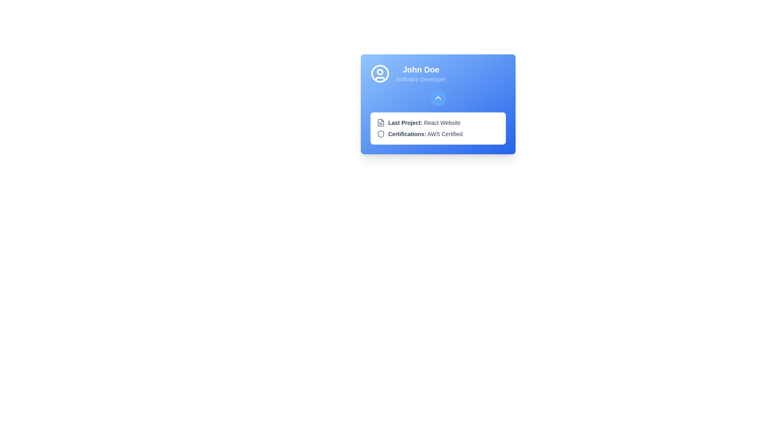  I want to click on the outer blue outlined circle in the user avatar graphic representing a profile, located on the left side of the blue card containing 'John Doe' and 'Software Developer.', so click(379, 73).